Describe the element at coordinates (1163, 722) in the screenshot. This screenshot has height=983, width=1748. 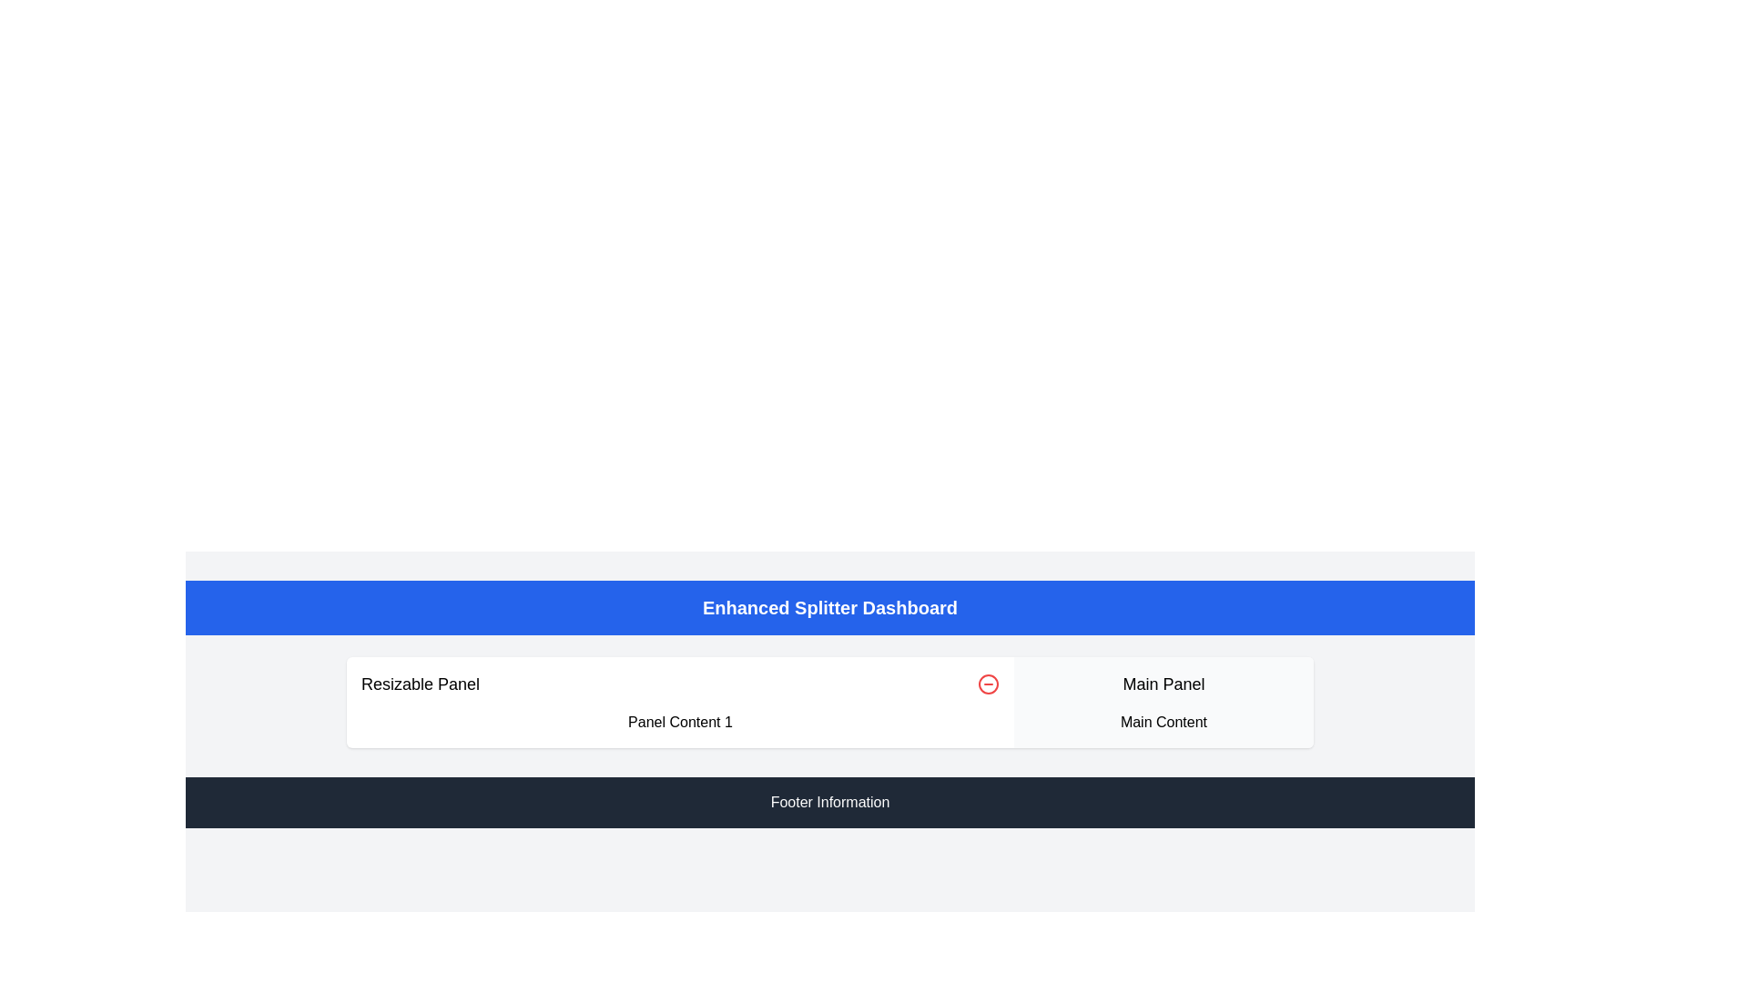
I see `the text label that describes the 'Main Content' section, positioned below the 'Main Panel' text element` at that location.